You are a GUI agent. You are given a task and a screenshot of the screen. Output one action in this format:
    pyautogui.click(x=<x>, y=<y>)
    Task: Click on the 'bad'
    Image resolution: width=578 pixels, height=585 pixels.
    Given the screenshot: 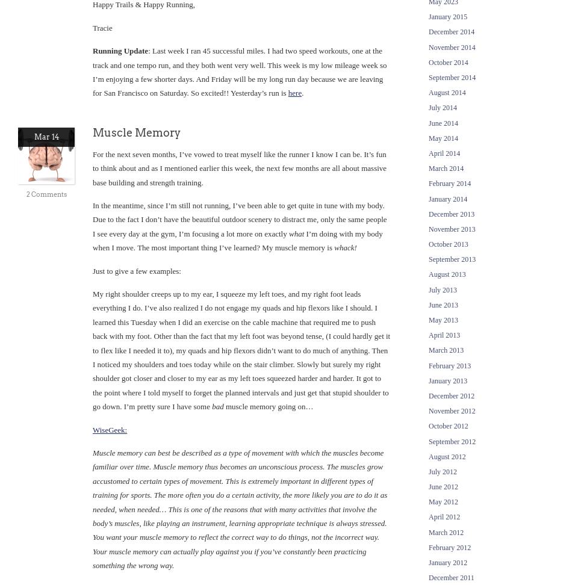 What is the action you would take?
    pyautogui.click(x=217, y=406)
    